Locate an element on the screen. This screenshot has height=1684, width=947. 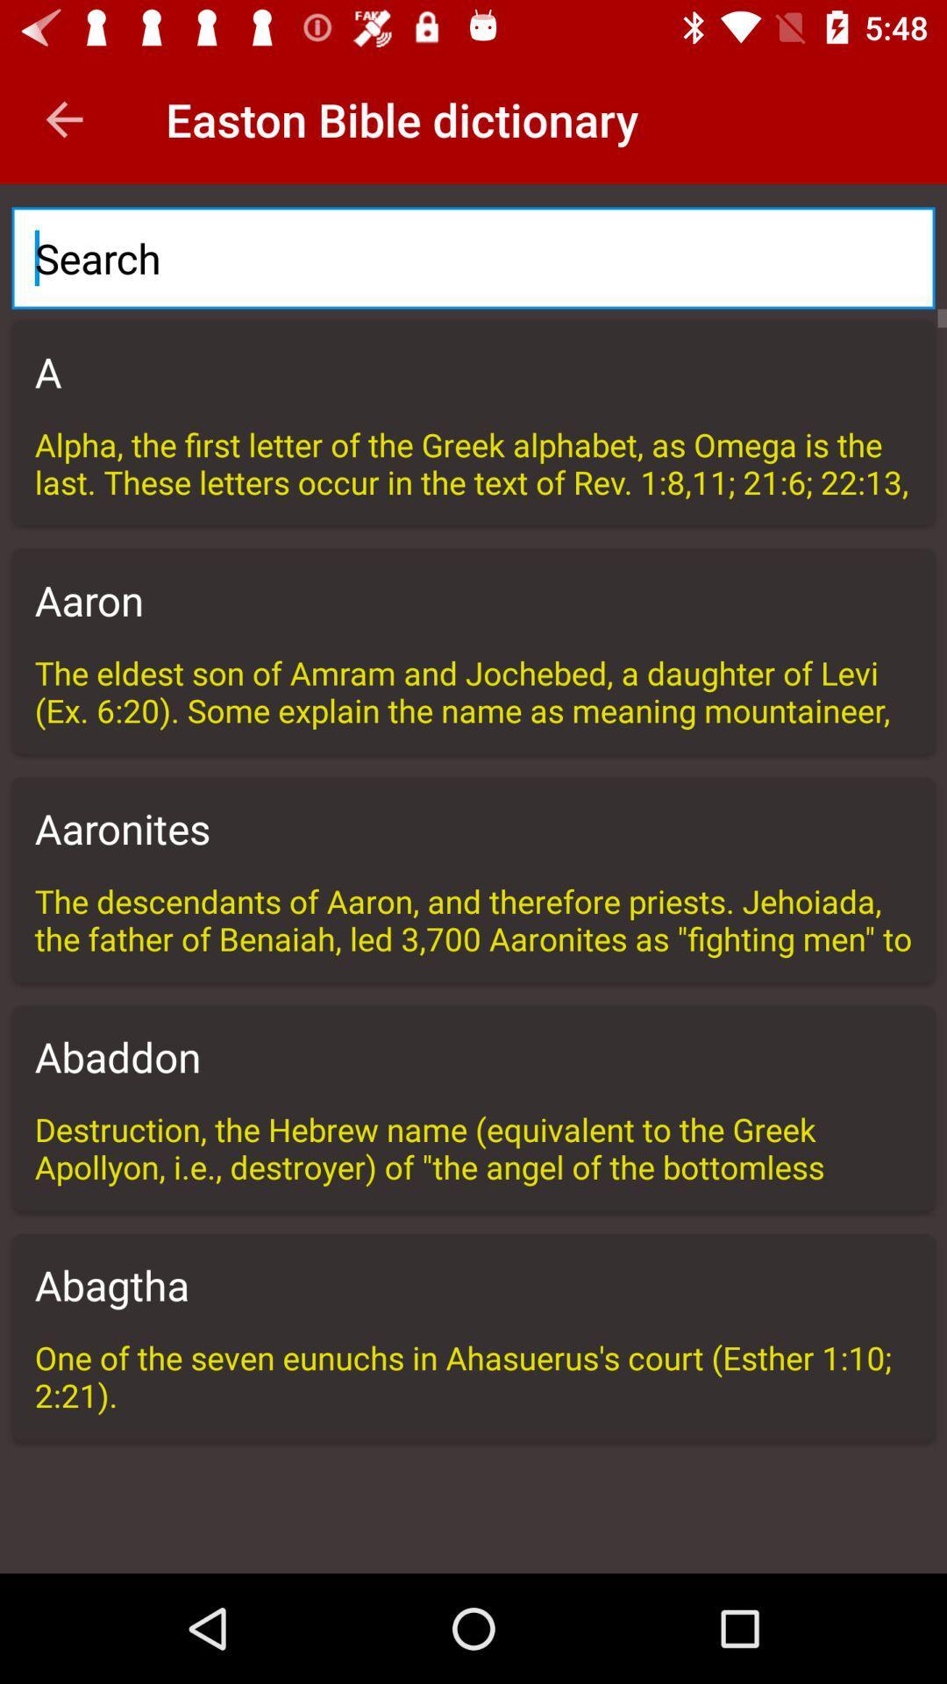
go back is located at coordinates (63, 118).